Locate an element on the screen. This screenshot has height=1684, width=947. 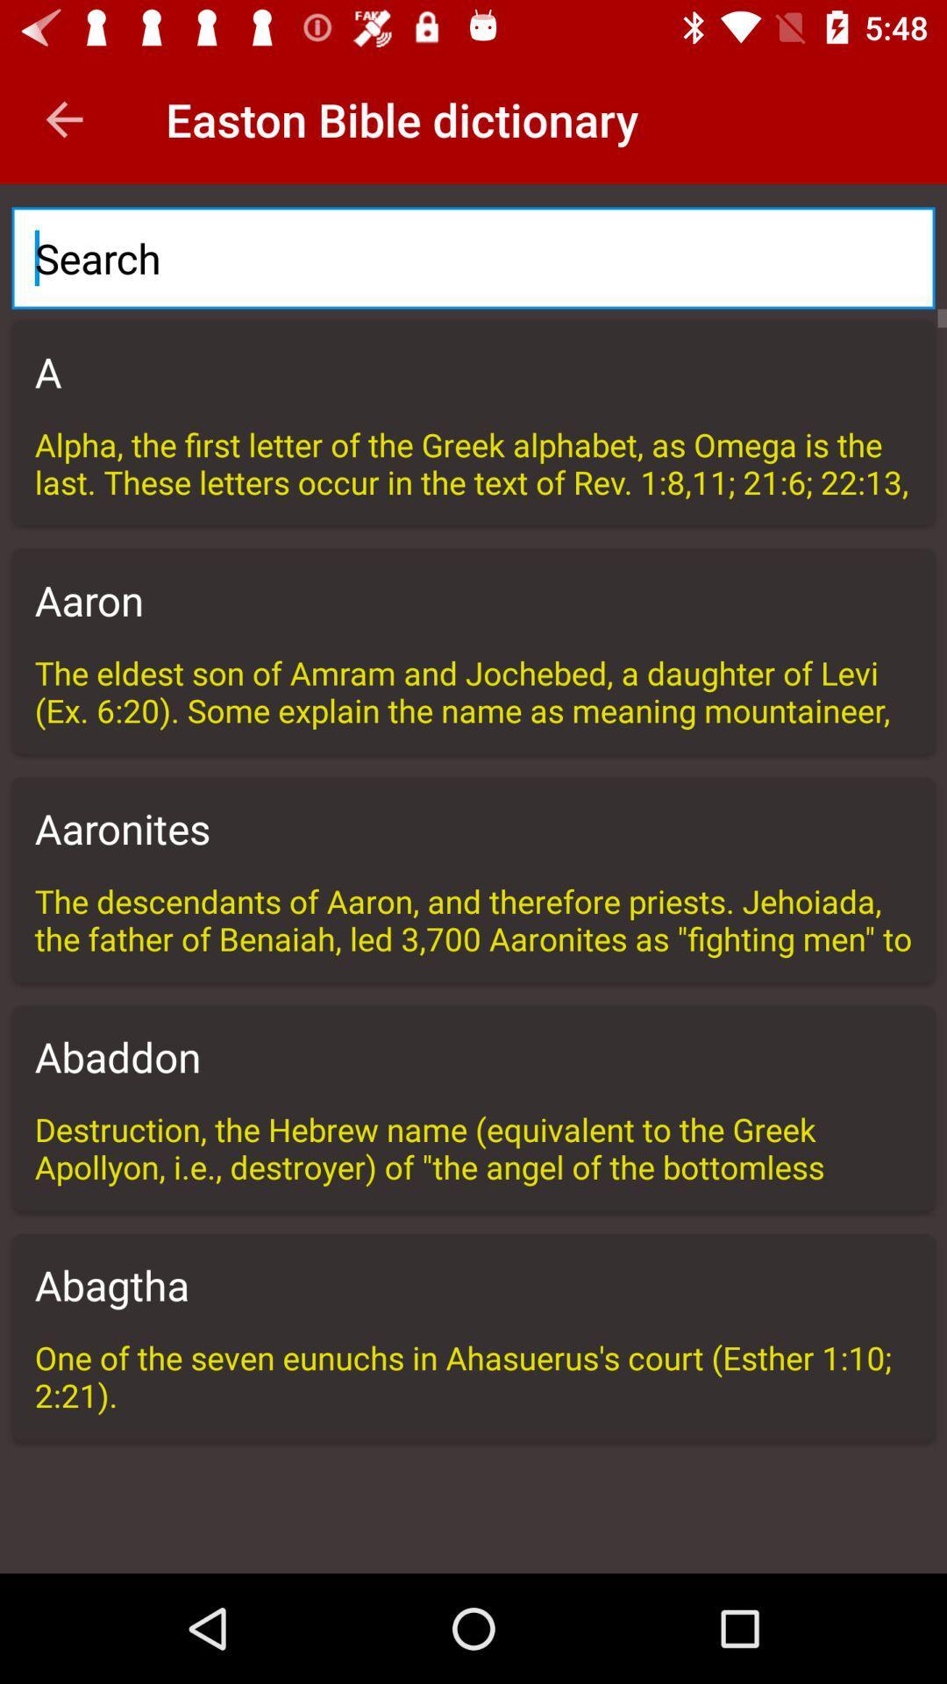
go back is located at coordinates (63, 118).